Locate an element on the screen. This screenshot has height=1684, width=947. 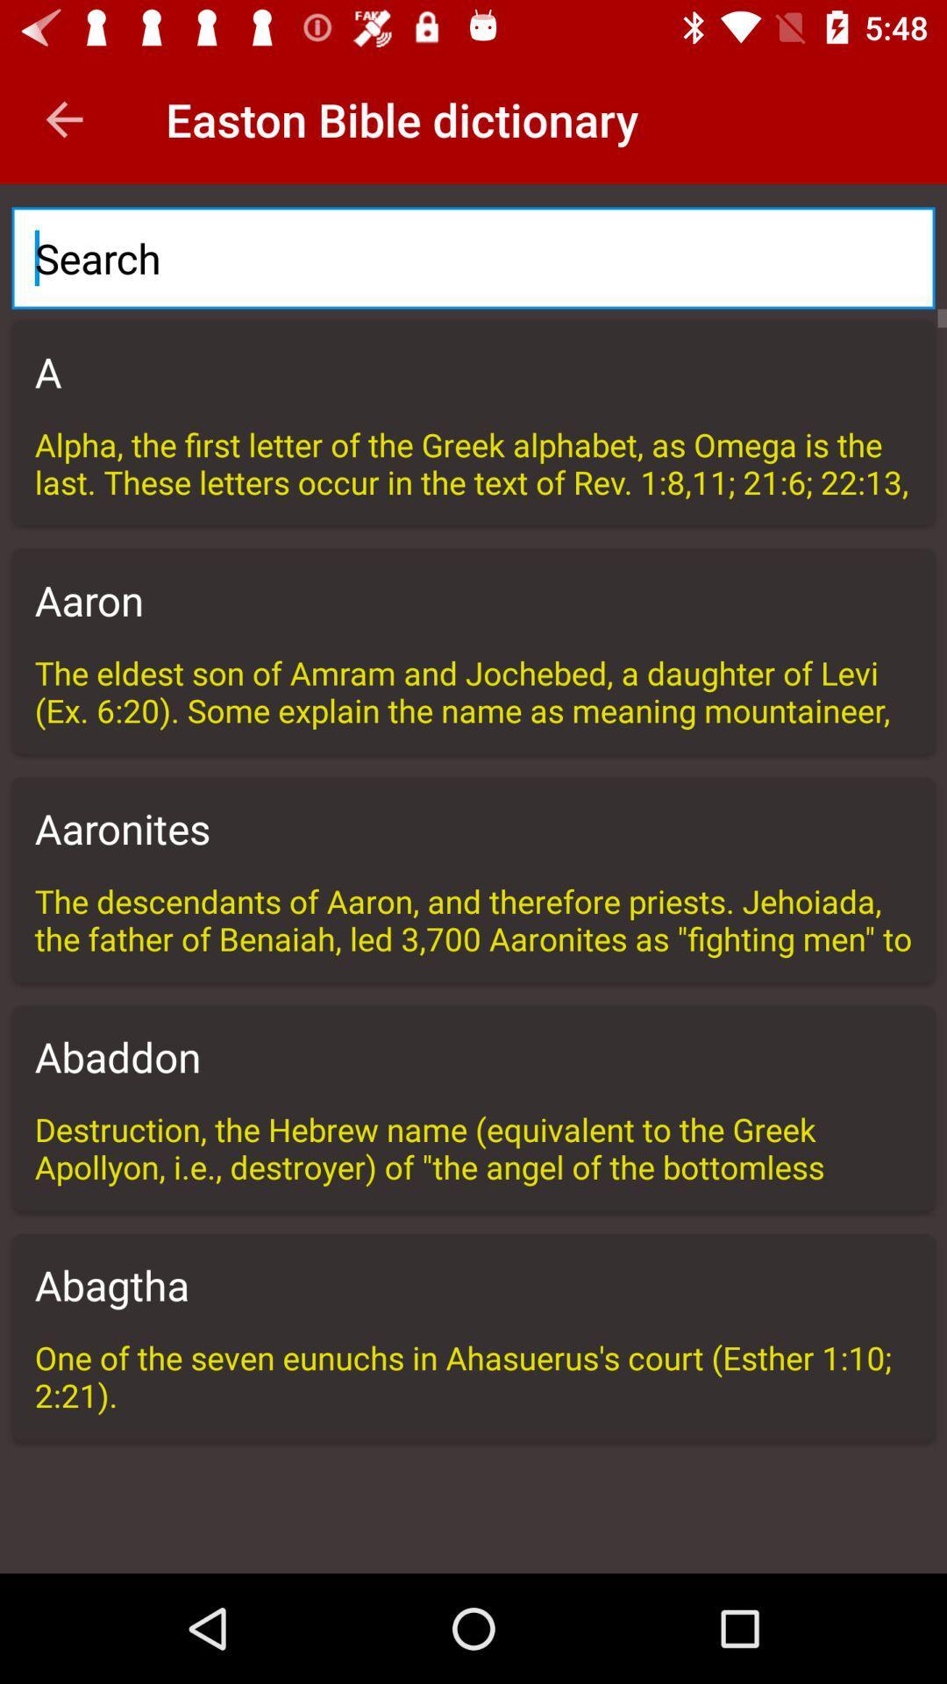
go back is located at coordinates (63, 118).